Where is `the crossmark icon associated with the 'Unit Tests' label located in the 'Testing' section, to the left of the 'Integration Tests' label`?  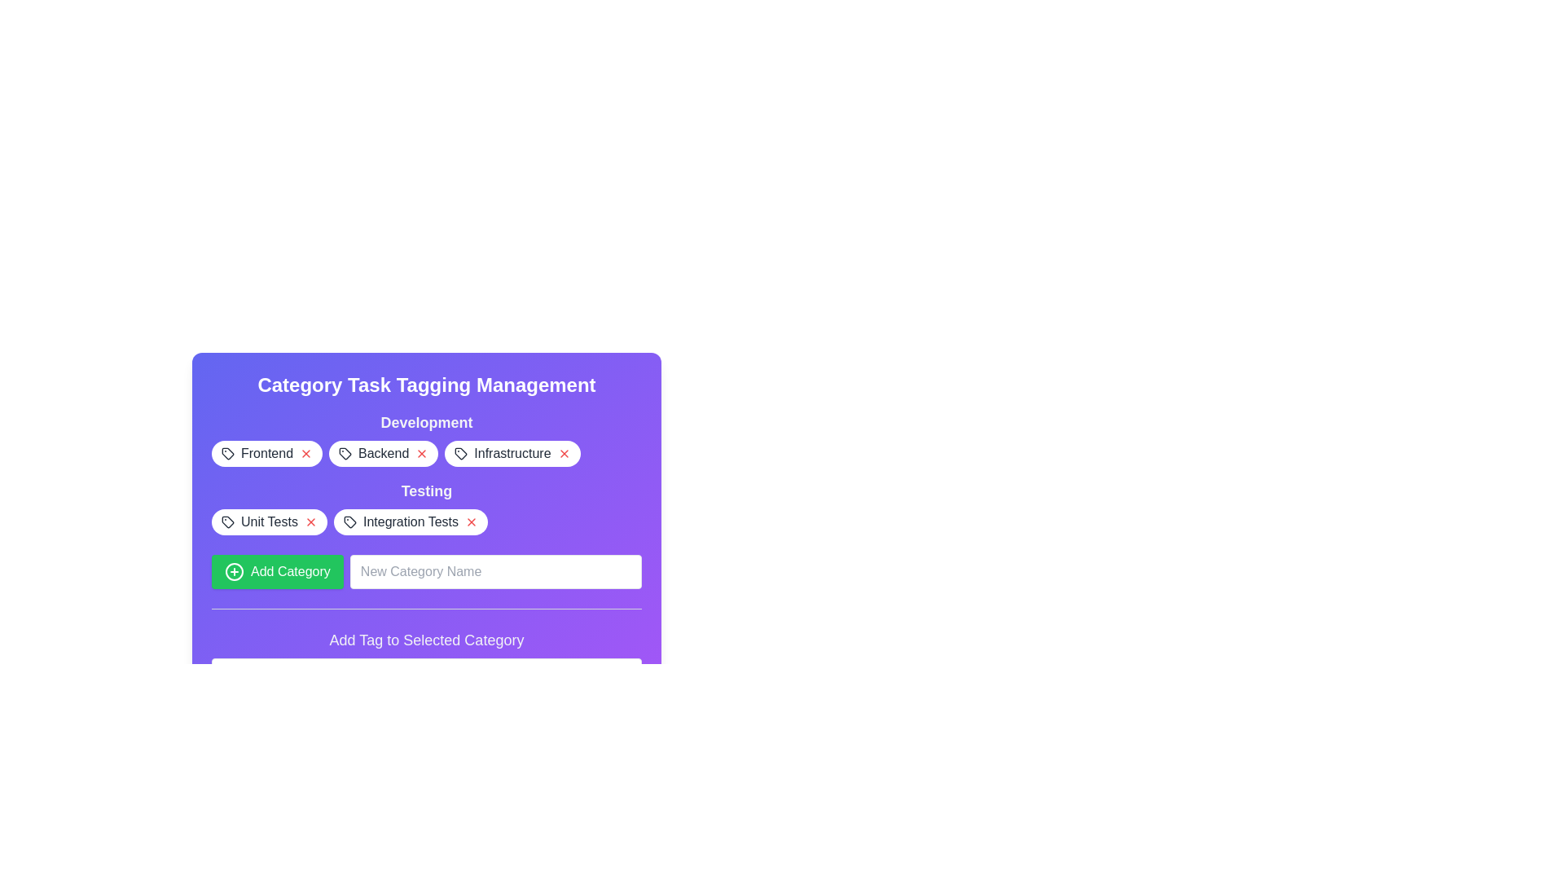
the crossmark icon associated with the 'Unit Tests' label located in the 'Testing' section, to the left of the 'Integration Tests' label is located at coordinates (270, 521).